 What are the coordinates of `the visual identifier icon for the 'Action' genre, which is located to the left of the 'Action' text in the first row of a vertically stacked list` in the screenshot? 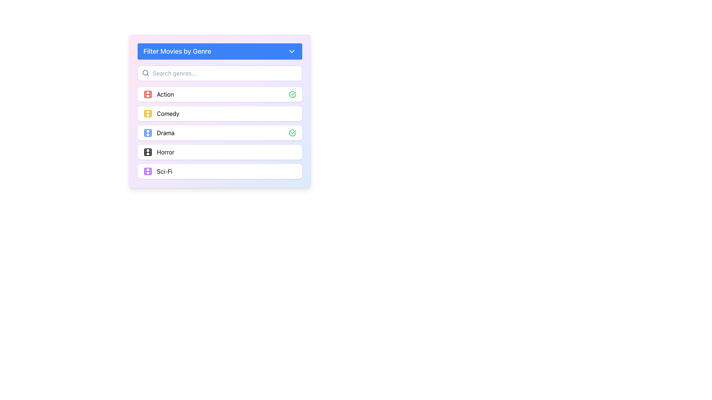 It's located at (148, 94).